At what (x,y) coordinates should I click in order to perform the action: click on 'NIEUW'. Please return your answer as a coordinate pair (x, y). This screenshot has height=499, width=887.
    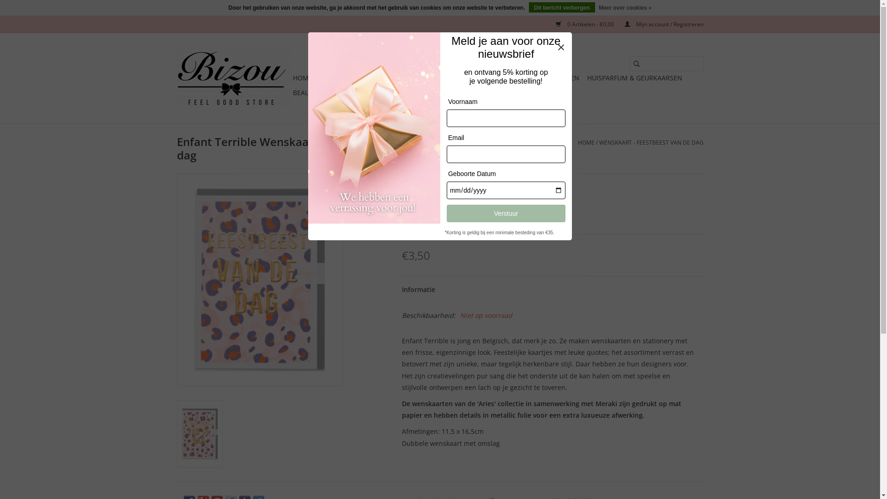
    Looking at the image, I should click on (407, 78).